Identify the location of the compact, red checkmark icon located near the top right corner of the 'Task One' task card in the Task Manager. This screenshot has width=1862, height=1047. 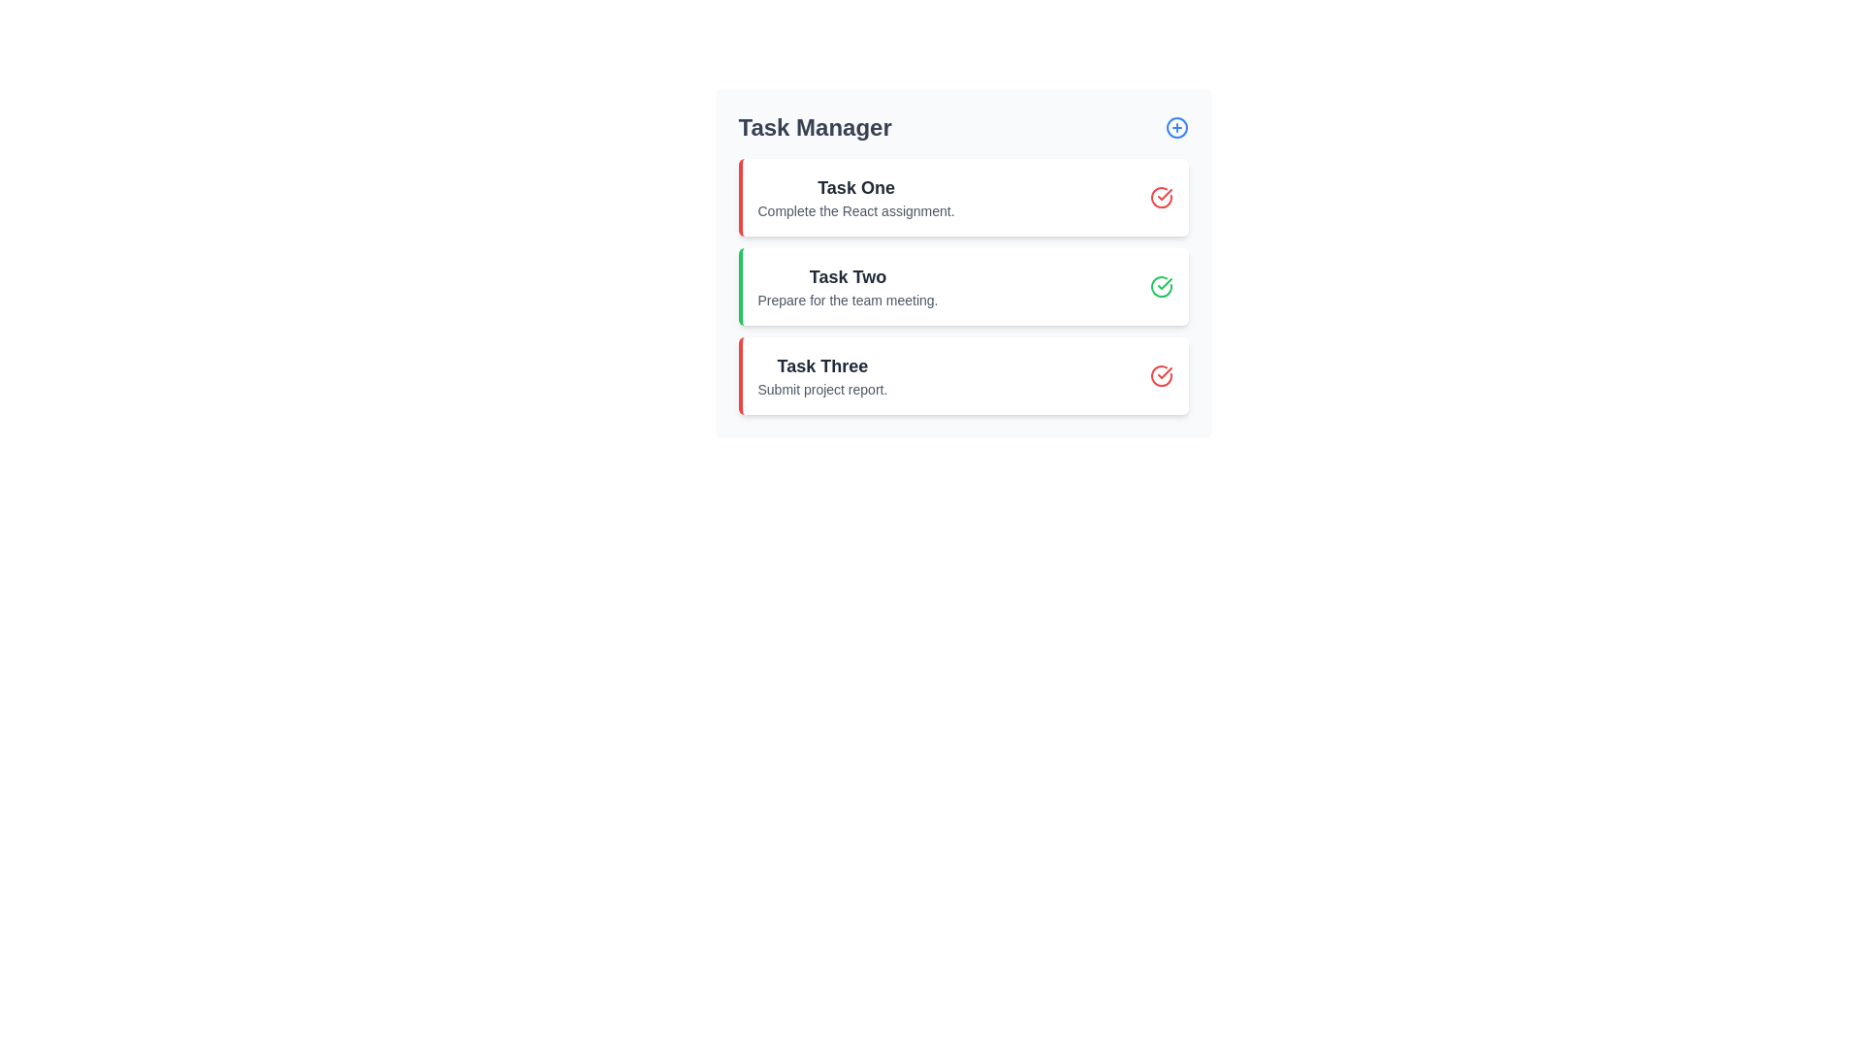
(1164, 373).